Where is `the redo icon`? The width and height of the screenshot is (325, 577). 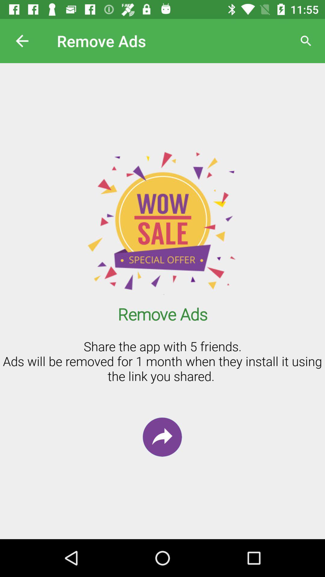 the redo icon is located at coordinates (162, 437).